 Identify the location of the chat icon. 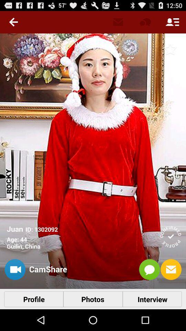
(149, 288).